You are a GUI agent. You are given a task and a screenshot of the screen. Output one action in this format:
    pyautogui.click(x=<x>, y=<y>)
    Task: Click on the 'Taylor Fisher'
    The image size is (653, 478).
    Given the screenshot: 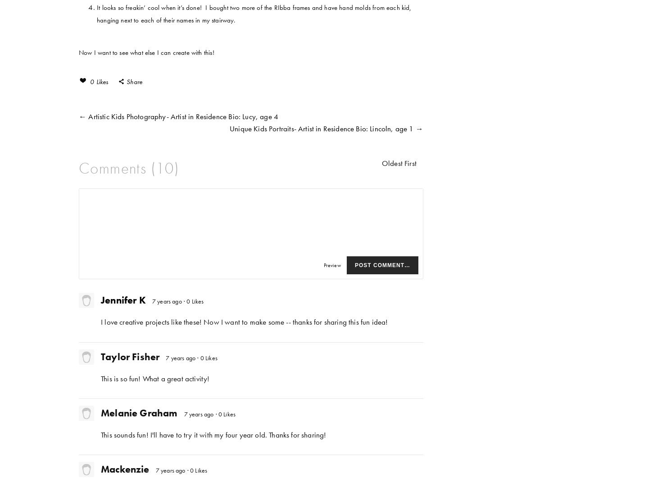 What is the action you would take?
    pyautogui.click(x=130, y=356)
    